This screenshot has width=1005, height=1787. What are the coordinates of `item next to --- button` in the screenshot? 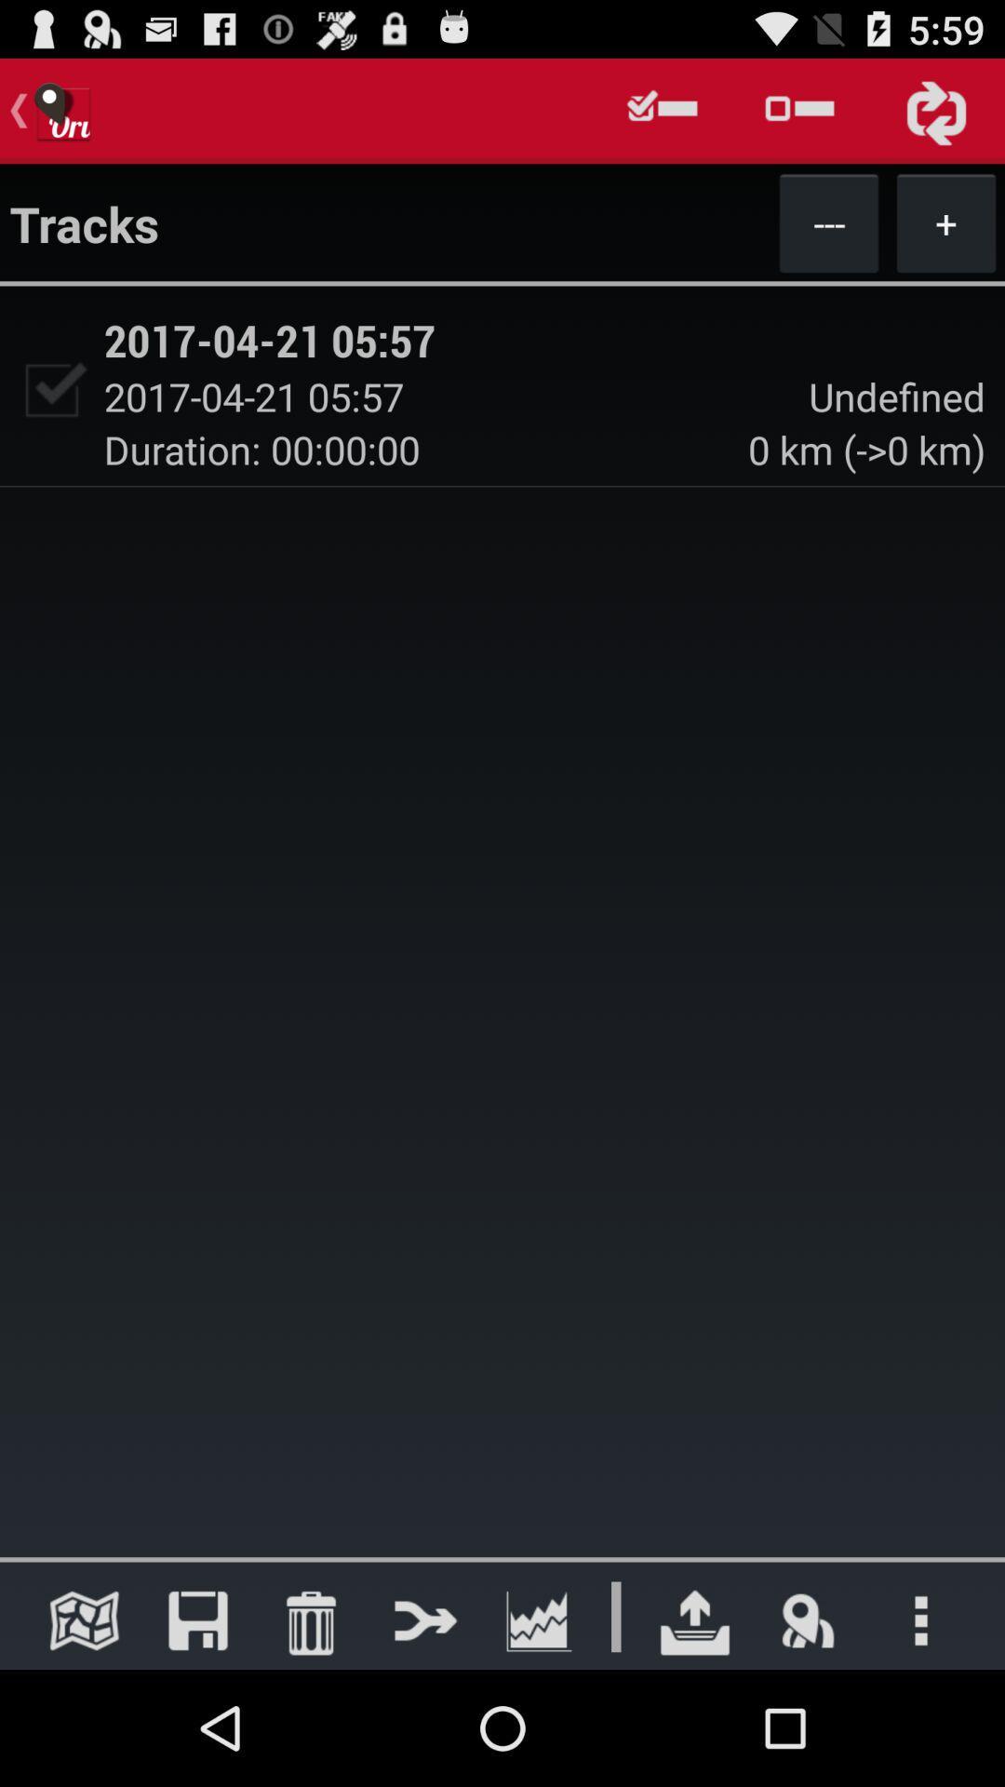 It's located at (946, 222).